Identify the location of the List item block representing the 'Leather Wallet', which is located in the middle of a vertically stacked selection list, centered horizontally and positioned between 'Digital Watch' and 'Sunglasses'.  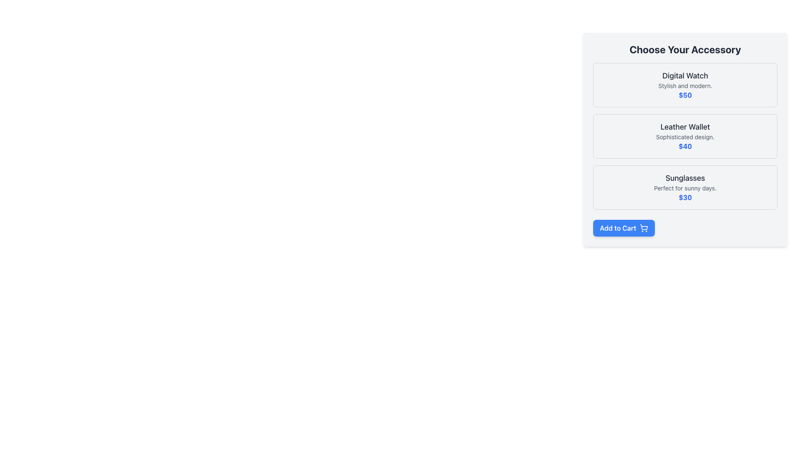
(685, 135).